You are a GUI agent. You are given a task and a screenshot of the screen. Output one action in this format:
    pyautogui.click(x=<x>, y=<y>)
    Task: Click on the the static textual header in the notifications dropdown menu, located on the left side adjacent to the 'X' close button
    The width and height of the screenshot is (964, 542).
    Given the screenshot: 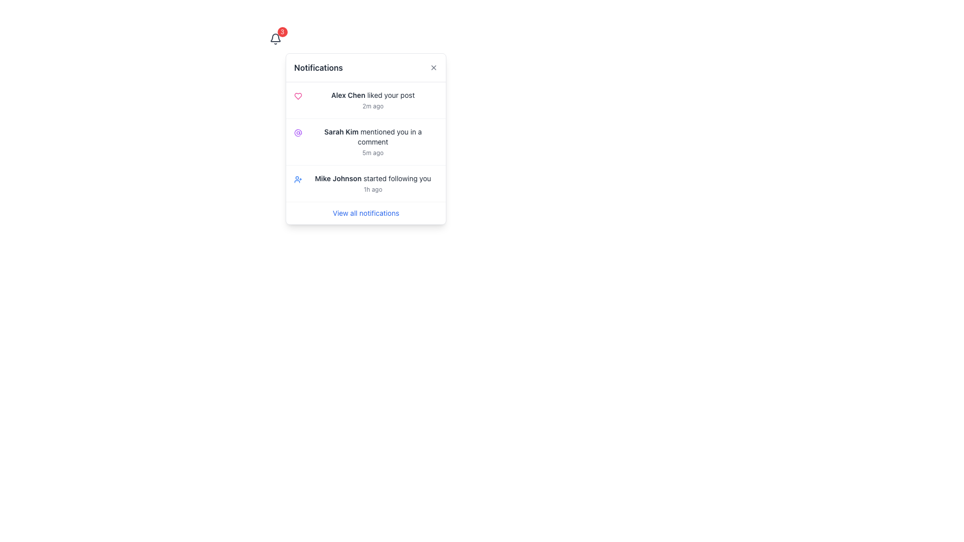 What is the action you would take?
    pyautogui.click(x=318, y=68)
    